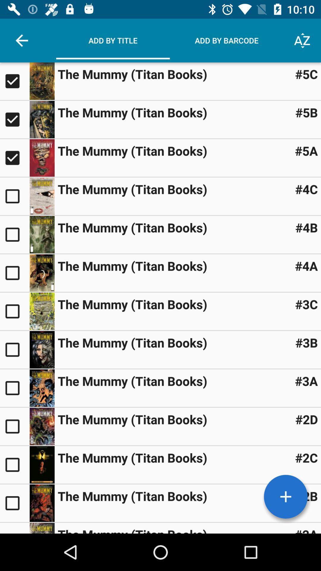 The width and height of the screenshot is (321, 571). Describe the element at coordinates (306, 112) in the screenshot. I see `#5b` at that location.